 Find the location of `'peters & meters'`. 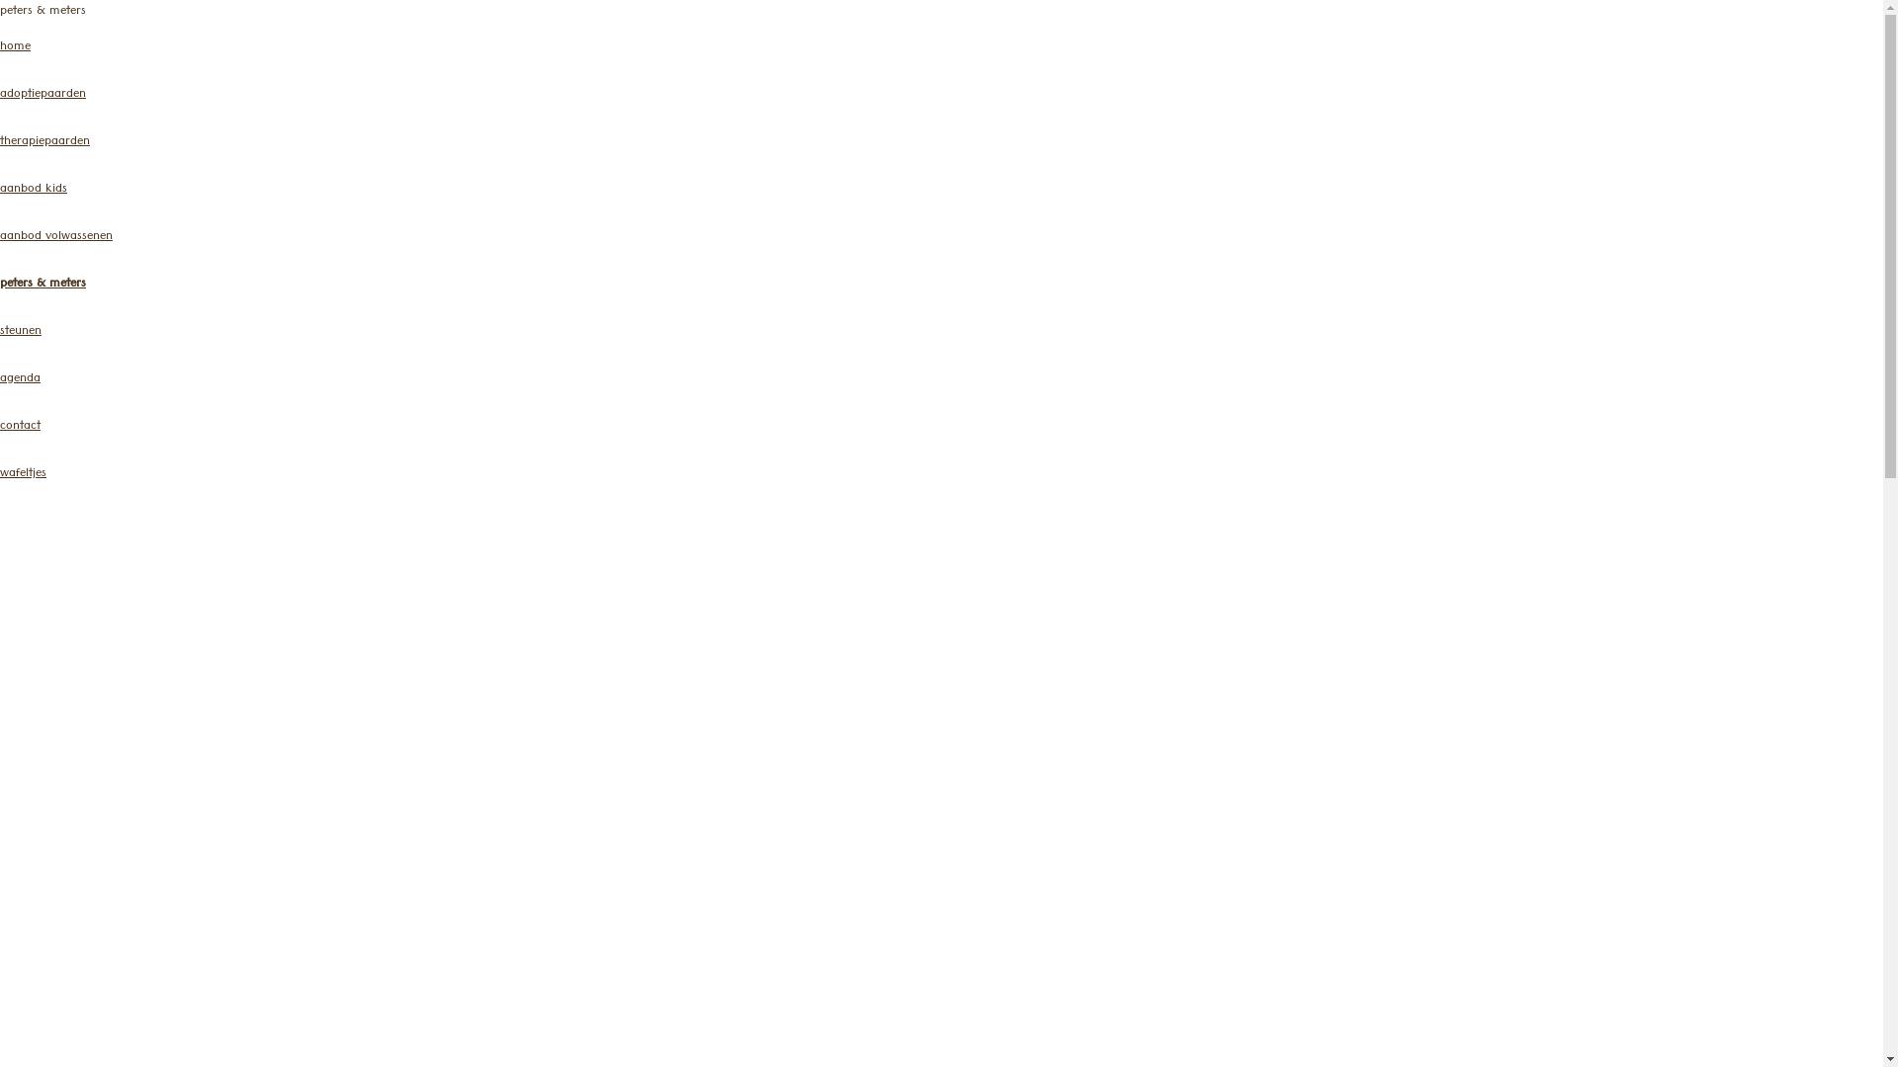

'peters & meters' is located at coordinates (43, 285).